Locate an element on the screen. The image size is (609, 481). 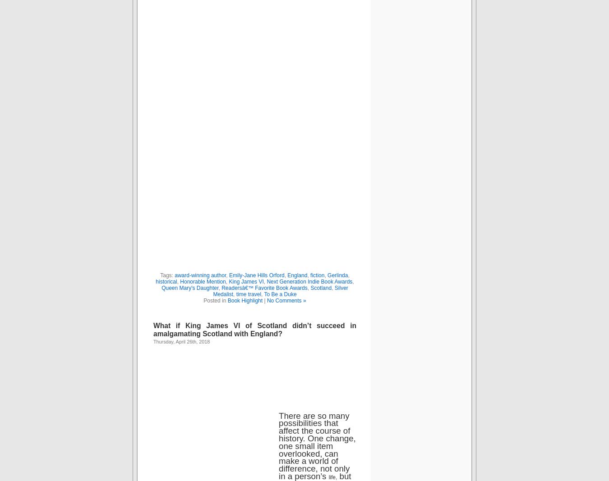
'Gerlinda' is located at coordinates (337, 275).